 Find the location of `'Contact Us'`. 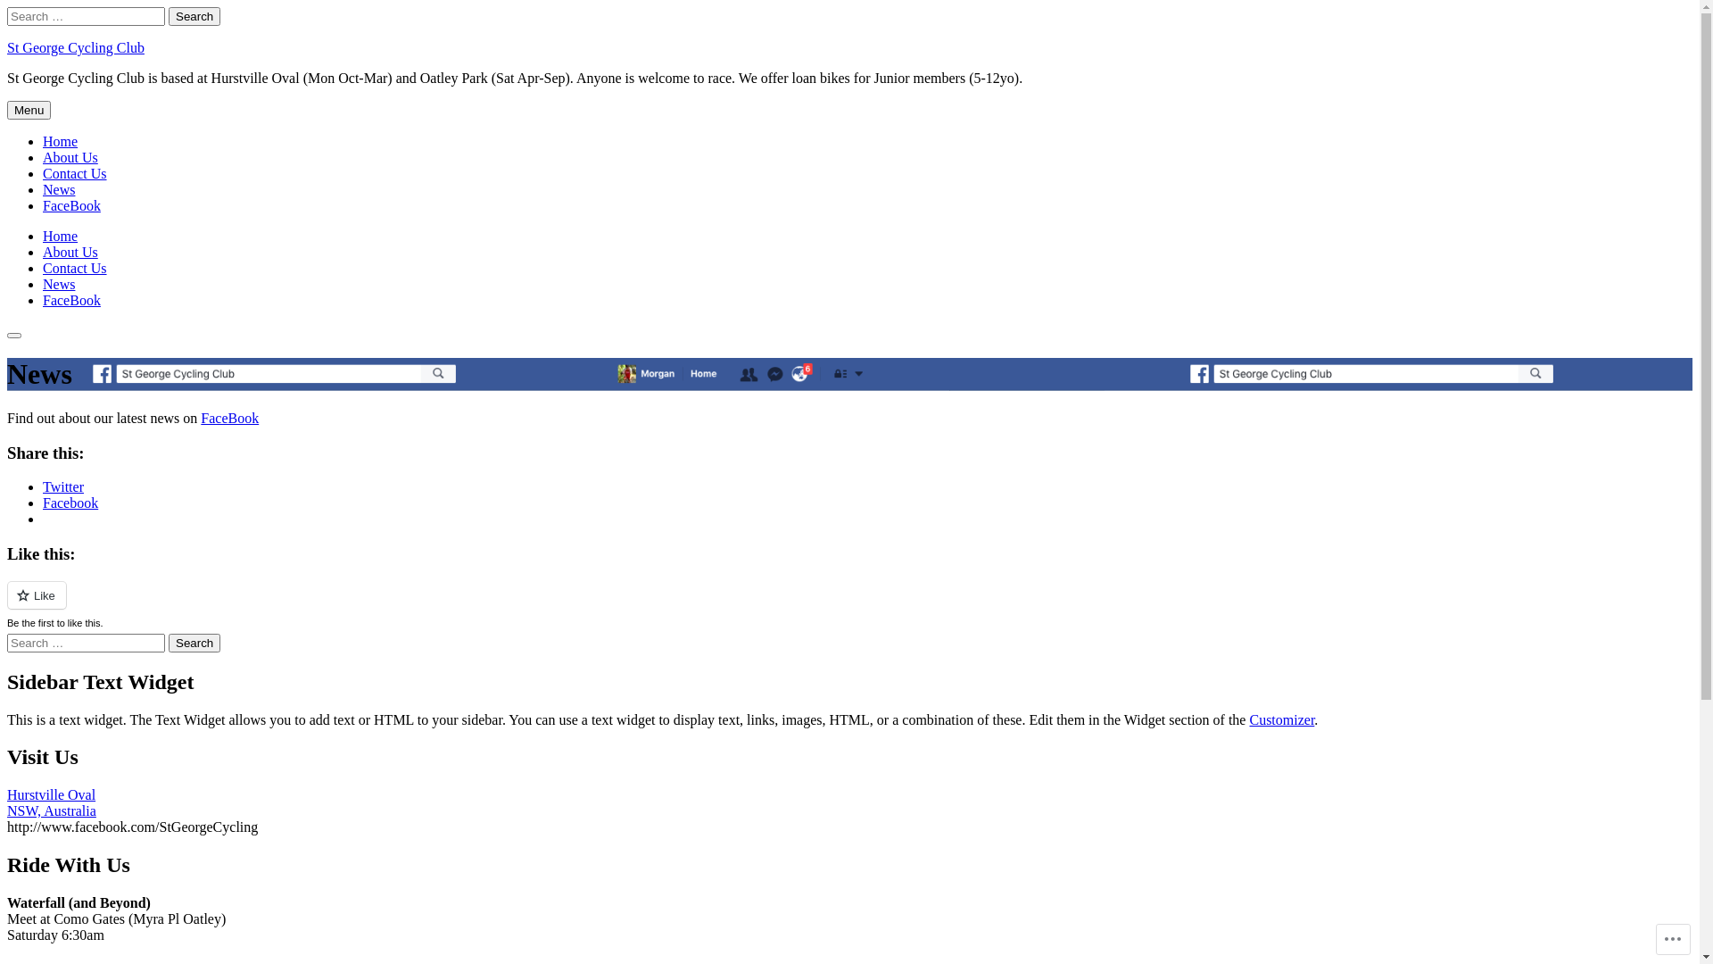

'Contact Us' is located at coordinates (73, 268).